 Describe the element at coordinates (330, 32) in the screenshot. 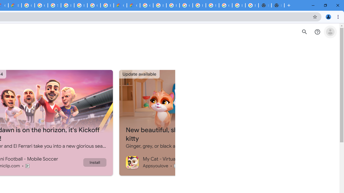

I see `'Open account menu'` at that location.